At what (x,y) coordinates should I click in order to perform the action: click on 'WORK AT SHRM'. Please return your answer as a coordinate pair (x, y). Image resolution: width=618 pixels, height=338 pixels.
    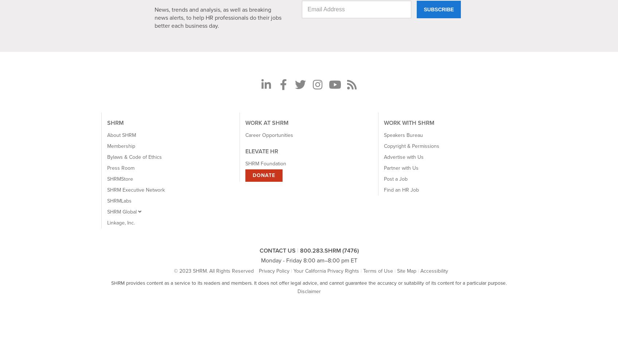
    Looking at the image, I should click on (267, 123).